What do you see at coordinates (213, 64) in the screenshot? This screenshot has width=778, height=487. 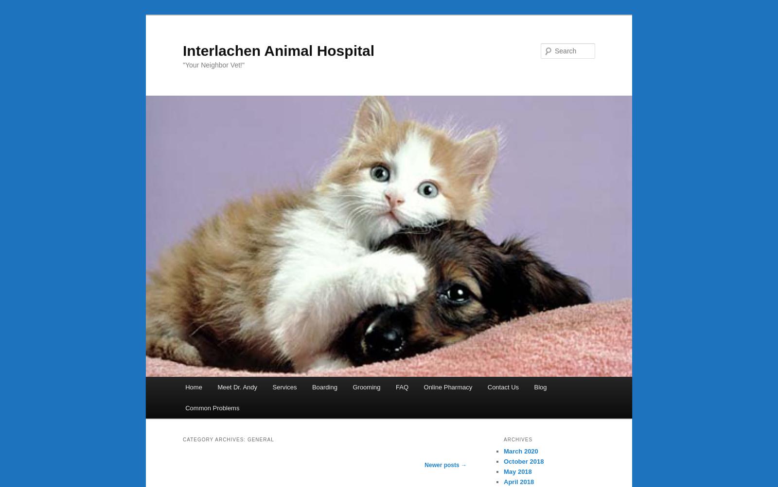 I see `'"Your Neighbor Vet!"'` at bounding box center [213, 64].